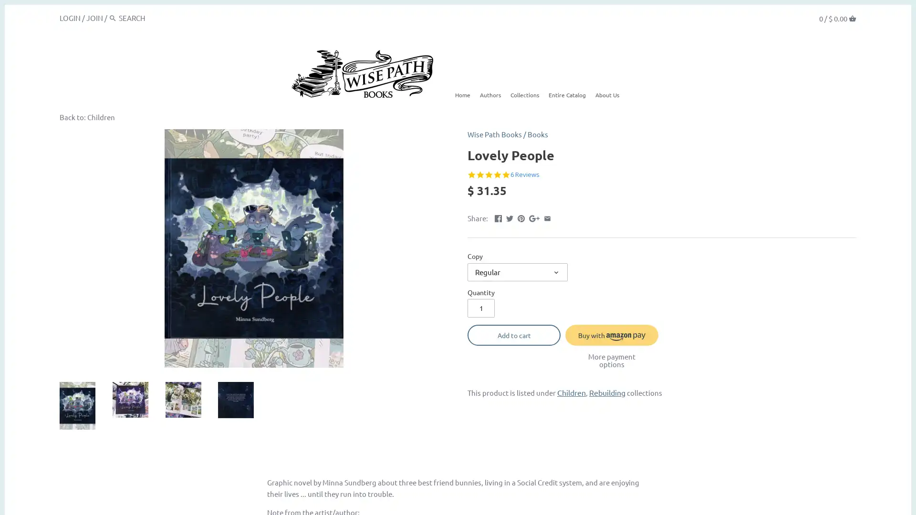 The width and height of the screenshot is (916, 515). What do you see at coordinates (612, 334) in the screenshot?
I see `Buy now with Amazon Pay` at bounding box center [612, 334].